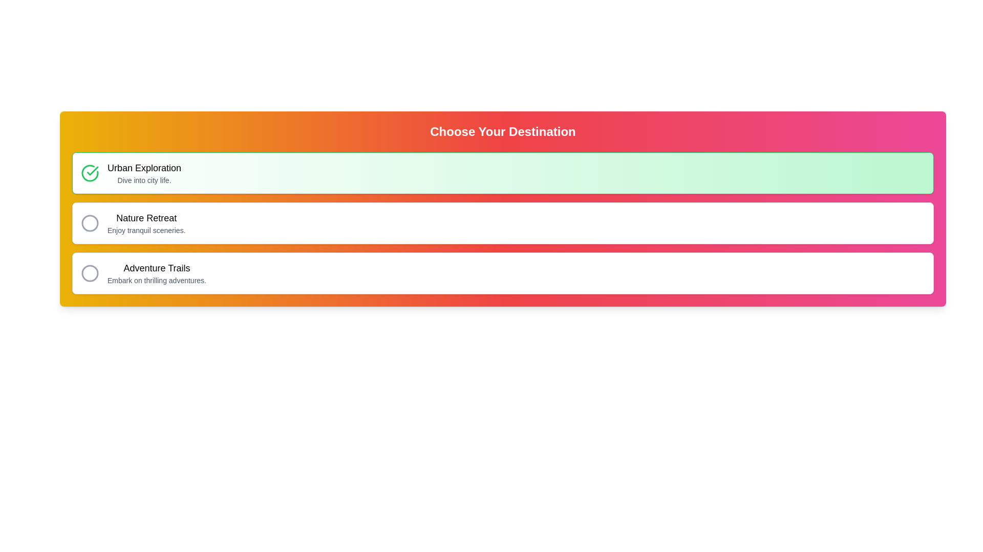 Image resolution: width=983 pixels, height=552 pixels. What do you see at coordinates (144, 173) in the screenshot?
I see `the text block featuring the bold header 'Urban Exploration' and the subheader 'Dive into city life'` at bounding box center [144, 173].